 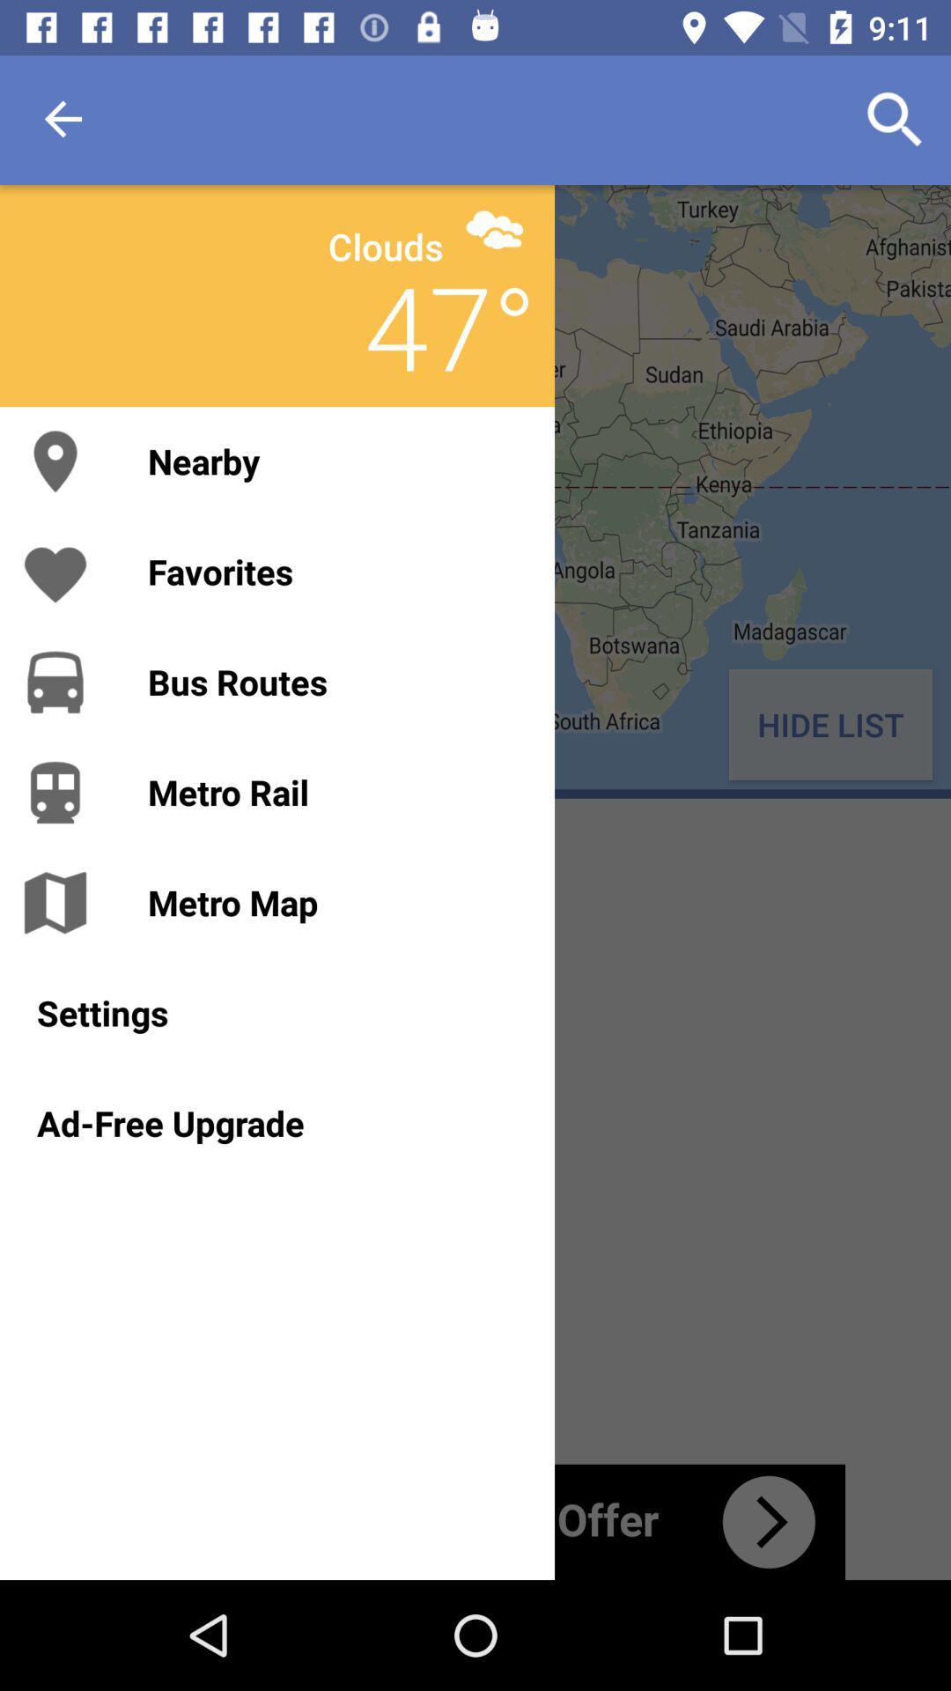 I want to click on metro map icon, so click(x=333, y=902).